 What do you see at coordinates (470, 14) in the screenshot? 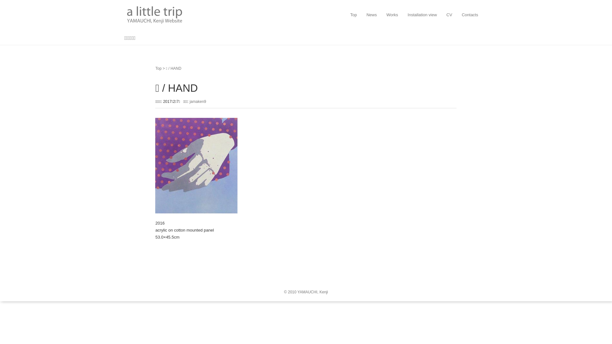
I see `'Contacts'` at bounding box center [470, 14].